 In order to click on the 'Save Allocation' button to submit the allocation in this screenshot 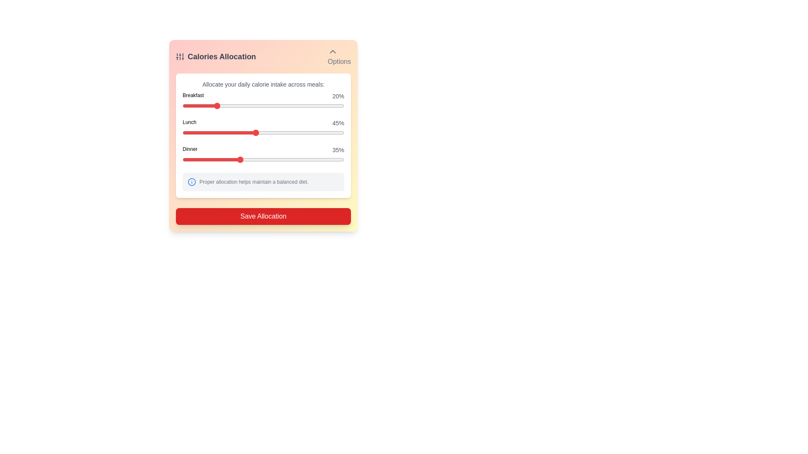, I will do `click(263, 216)`.